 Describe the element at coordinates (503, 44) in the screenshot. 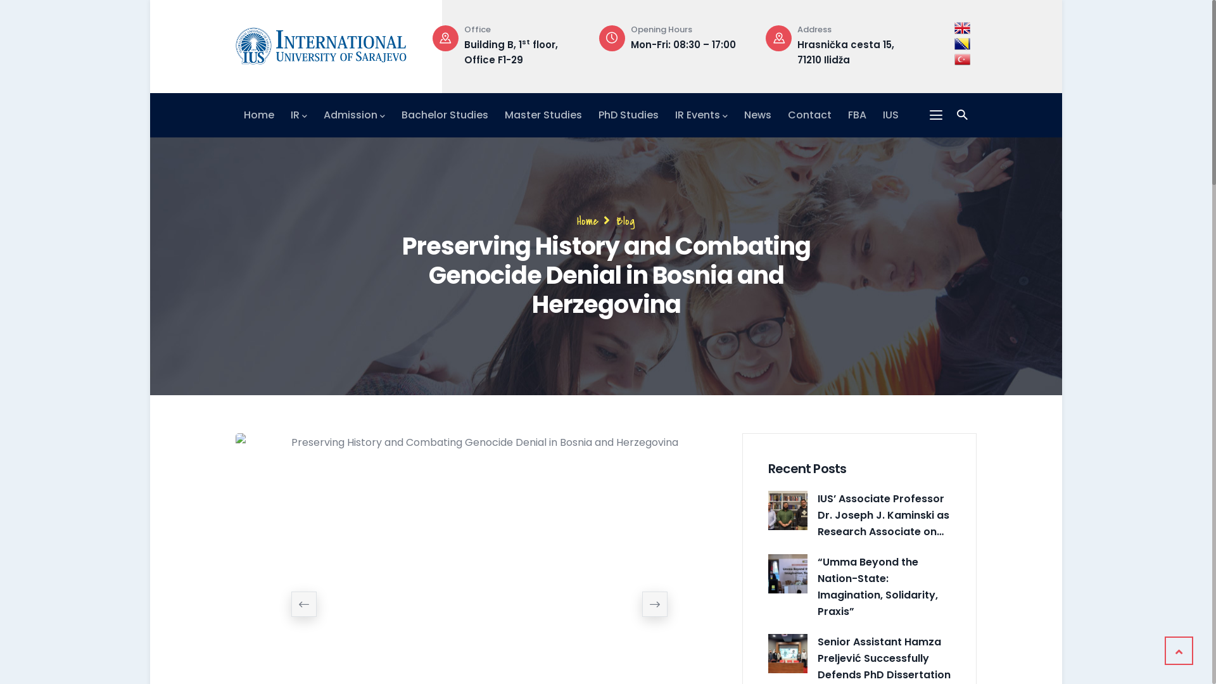

I see `'+387 33 957 400'` at that location.